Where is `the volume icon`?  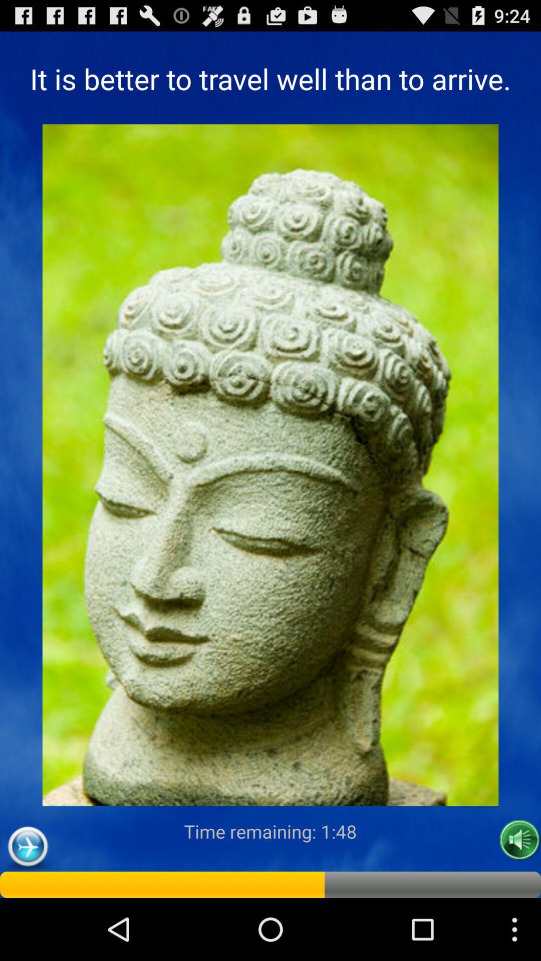 the volume icon is located at coordinates (519, 899).